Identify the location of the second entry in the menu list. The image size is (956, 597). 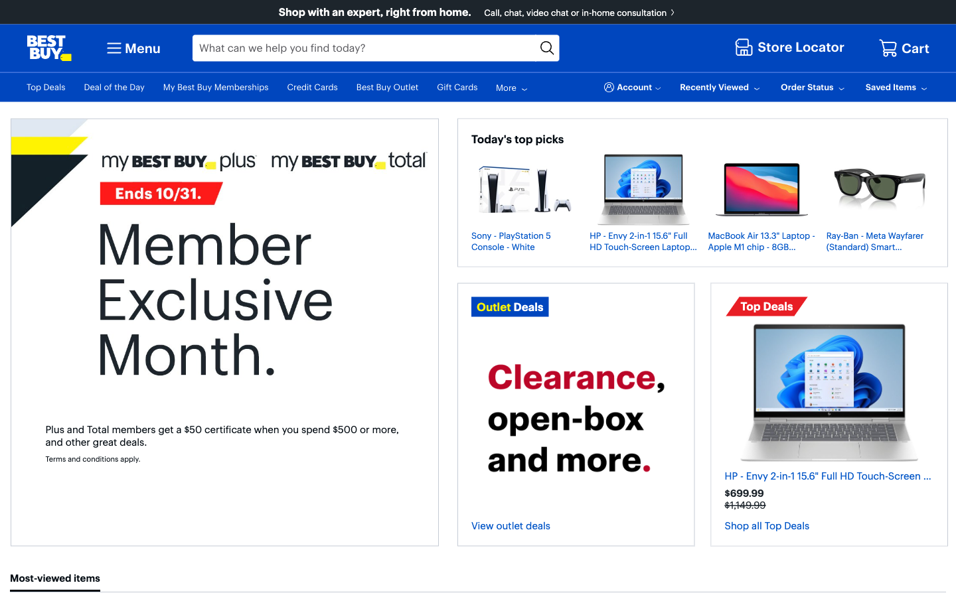
(132, 47).